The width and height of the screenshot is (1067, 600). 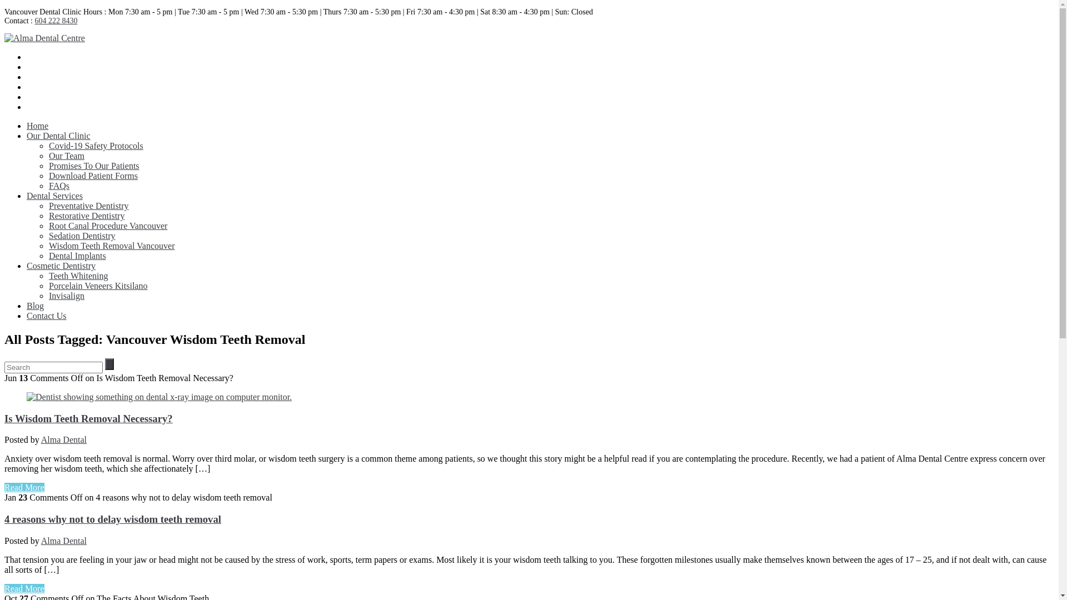 What do you see at coordinates (108, 225) in the screenshot?
I see `'Root Canal Procedure Vancouver'` at bounding box center [108, 225].